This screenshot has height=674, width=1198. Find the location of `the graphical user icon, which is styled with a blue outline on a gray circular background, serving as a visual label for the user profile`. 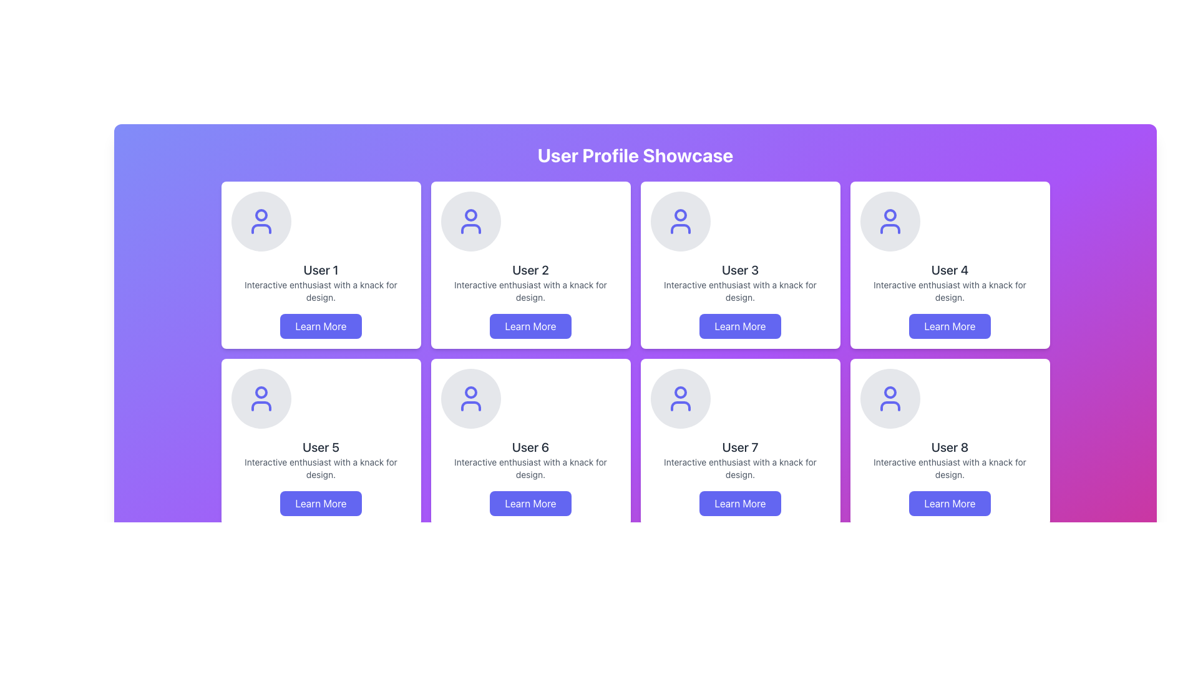

the graphical user icon, which is styled with a blue outline on a gray circular background, serving as a visual label for the user profile is located at coordinates (470, 220).